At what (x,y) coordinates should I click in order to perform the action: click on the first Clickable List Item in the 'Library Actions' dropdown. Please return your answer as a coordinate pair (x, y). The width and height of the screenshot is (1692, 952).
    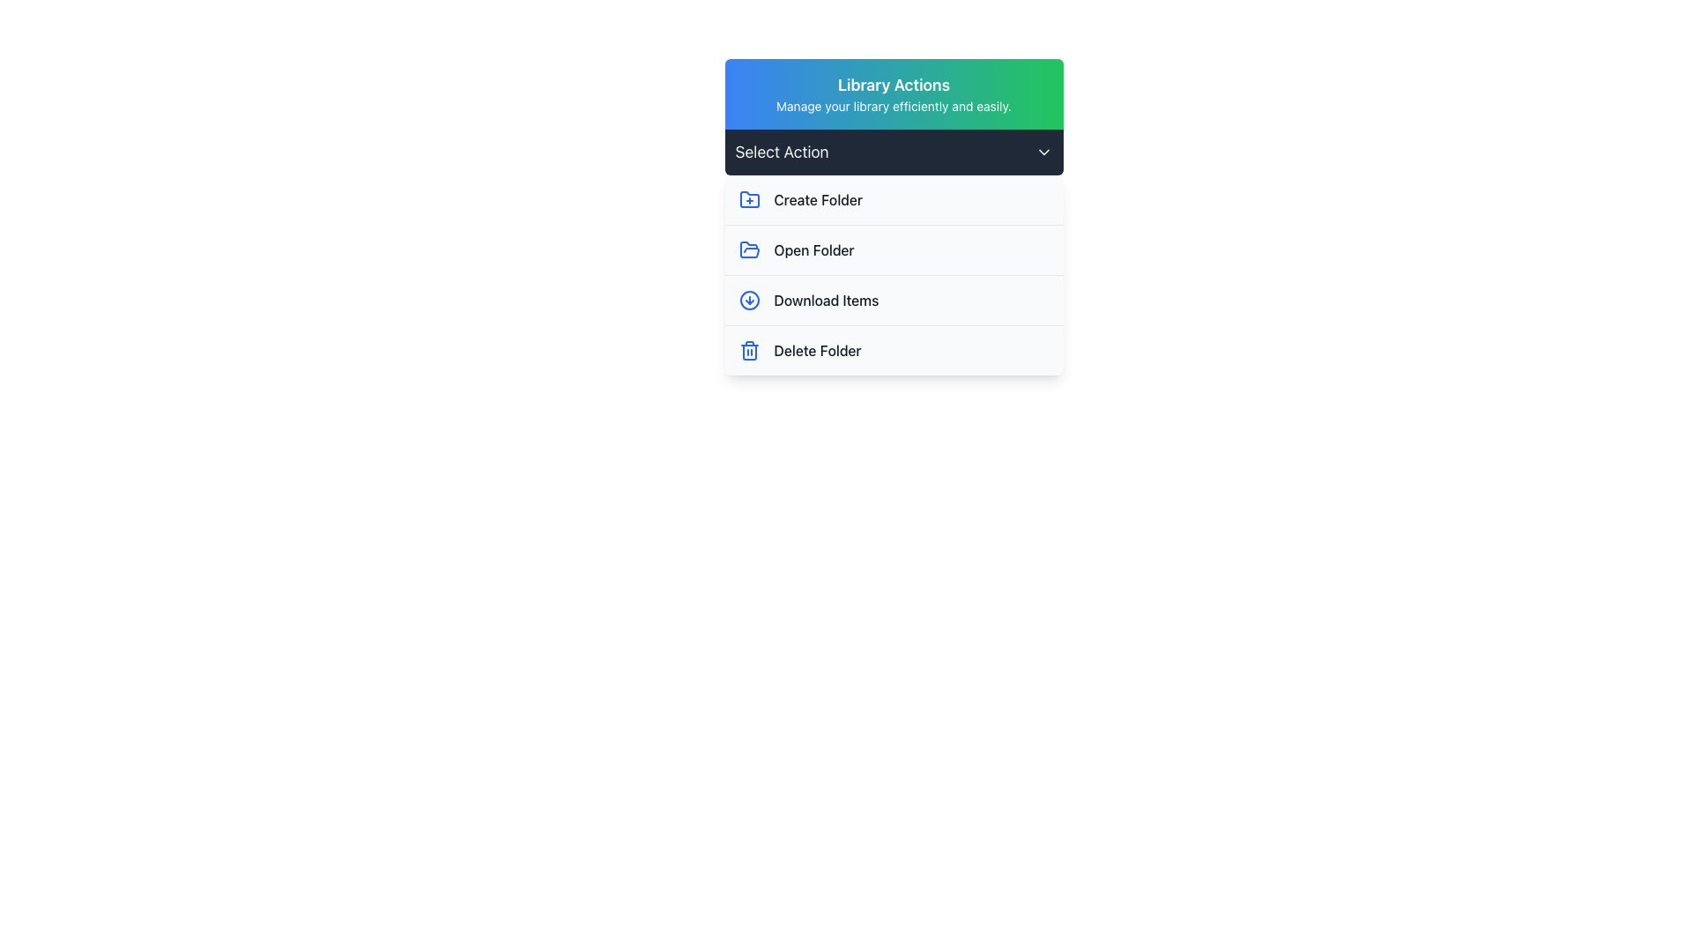
    Looking at the image, I should click on (894, 199).